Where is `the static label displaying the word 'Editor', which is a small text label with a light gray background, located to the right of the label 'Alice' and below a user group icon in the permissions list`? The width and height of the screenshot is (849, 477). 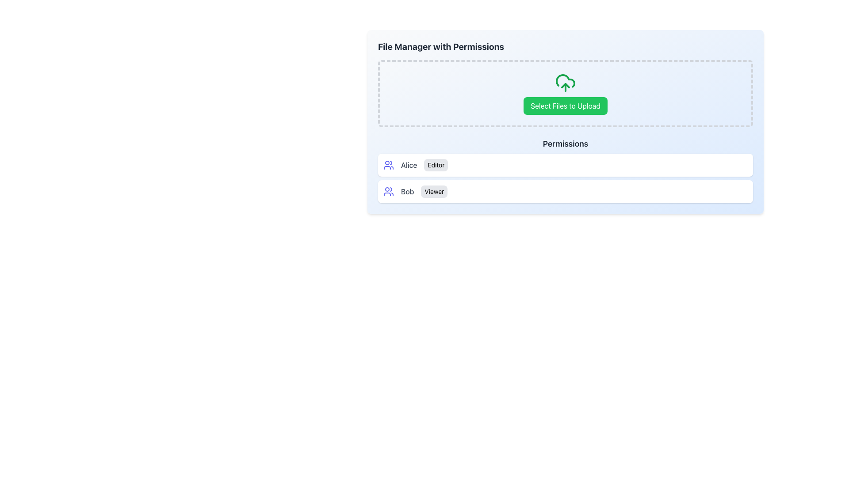 the static label displaying the word 'Editor', which is a small text label with a light gray background, located to the right of the label 'Alice' and below a user group icon in the permissions list is located at coordinates (436, 165).